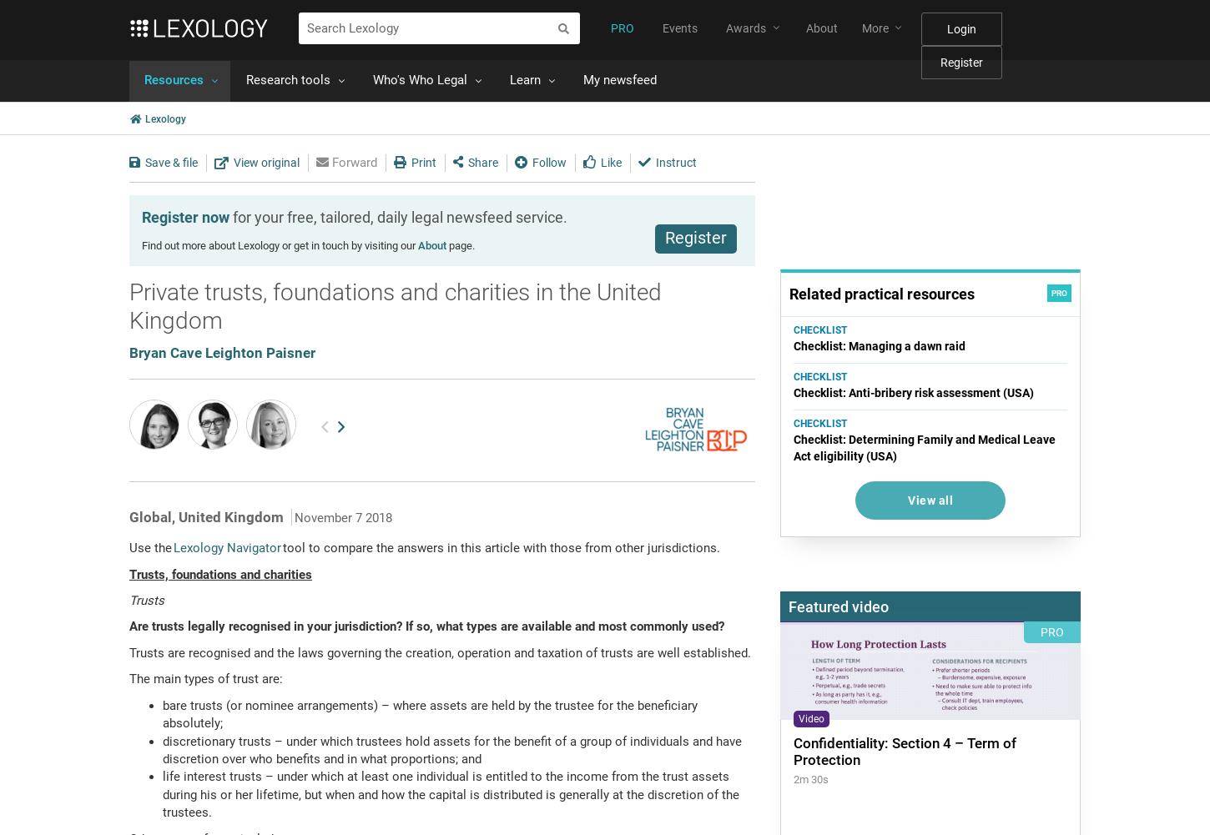 The height and width of the screenshot is (835, 1210). I want to click on 'tool to compare the answers in this article with those from other jurisdictions.', so click(502, 546).